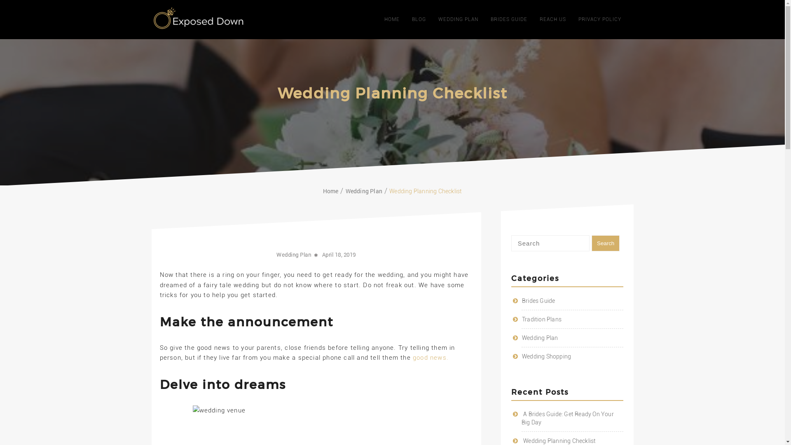 The width and height of the screenshot is (791, 445). What do you see at coordinates (508, 19) in the screenshot?
I see `'BRIDES GUIDE'` at bounding box center [508, 19].